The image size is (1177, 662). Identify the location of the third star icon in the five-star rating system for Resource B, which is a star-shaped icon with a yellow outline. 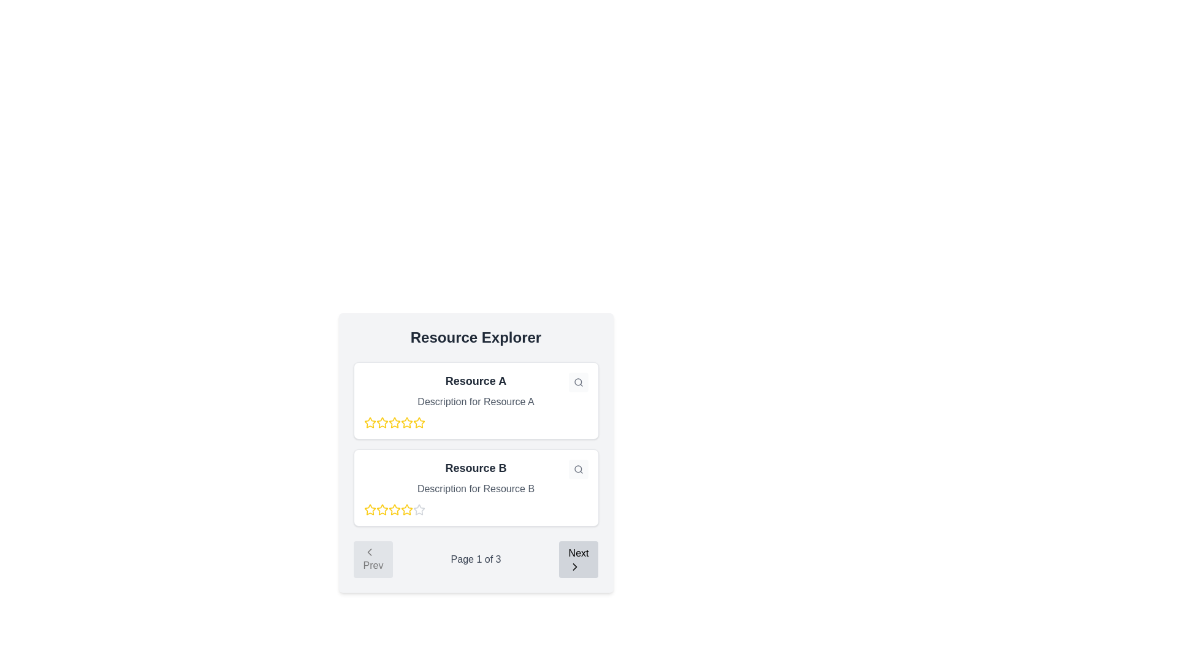
(381, 510).